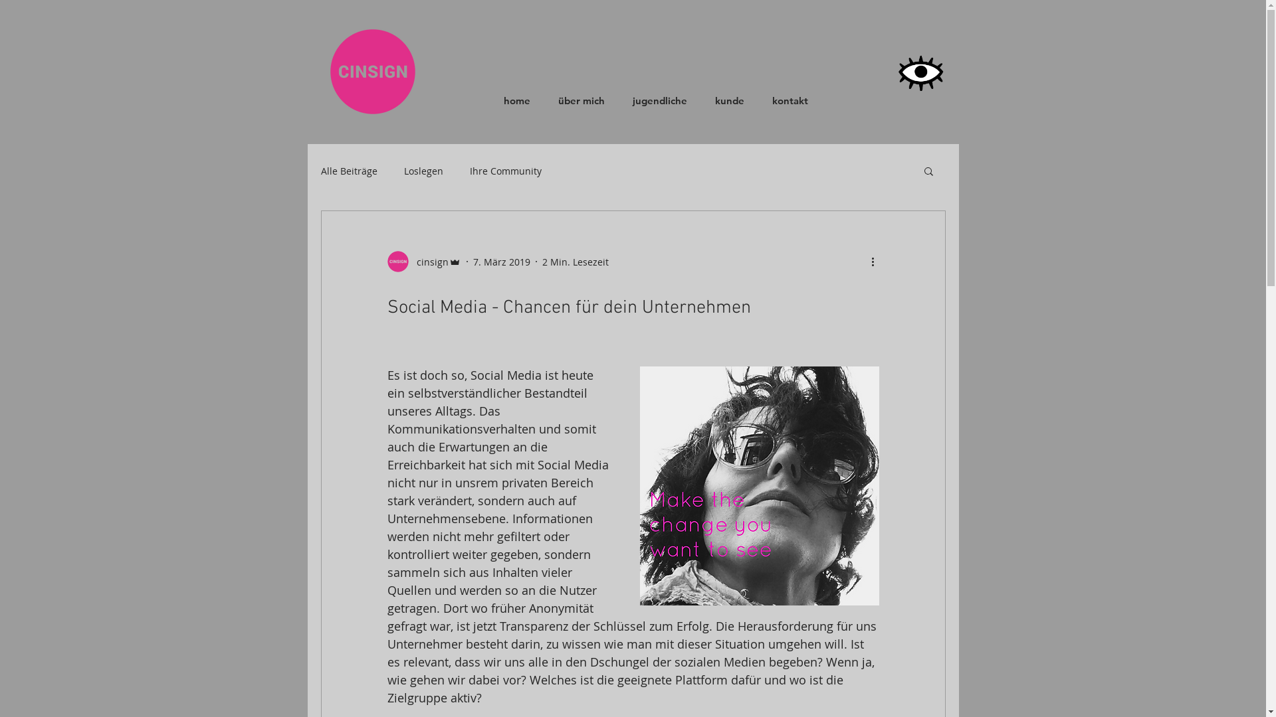 This screenshot has height=717, width=1276. I want to click on 'cinsign', so click(423, 261).